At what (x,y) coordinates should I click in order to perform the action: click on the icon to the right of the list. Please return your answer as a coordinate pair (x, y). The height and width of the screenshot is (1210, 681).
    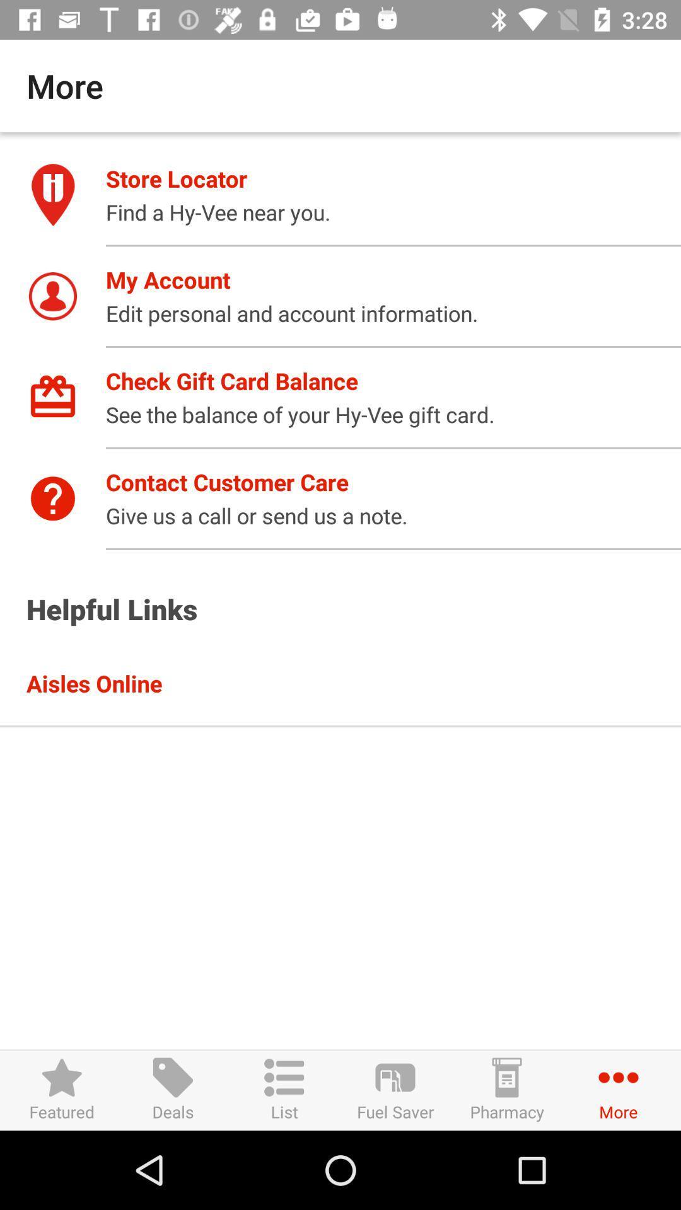
    Looking at the image, I should click on (395, 1090).